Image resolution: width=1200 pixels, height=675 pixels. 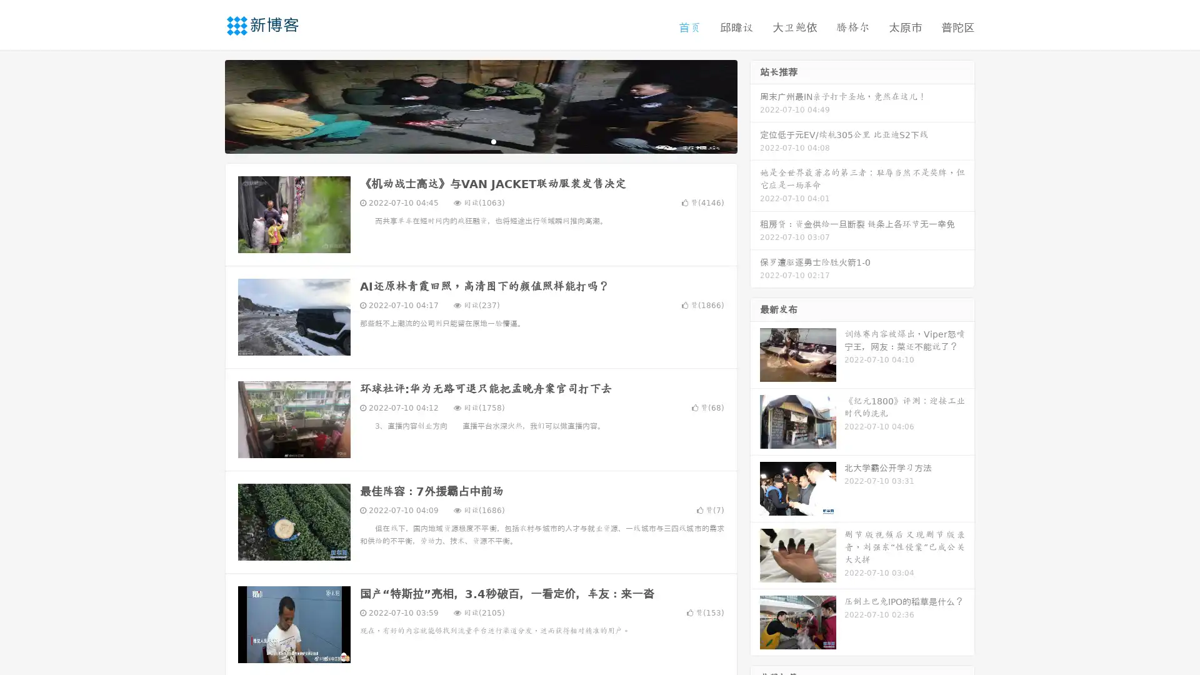 What do you see at coordinates (755, 105) in the screenshot?
I see `Next slide` at bounding box center [755, 105].